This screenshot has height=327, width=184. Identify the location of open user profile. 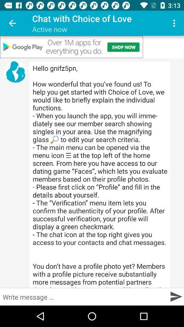
(15, 72).